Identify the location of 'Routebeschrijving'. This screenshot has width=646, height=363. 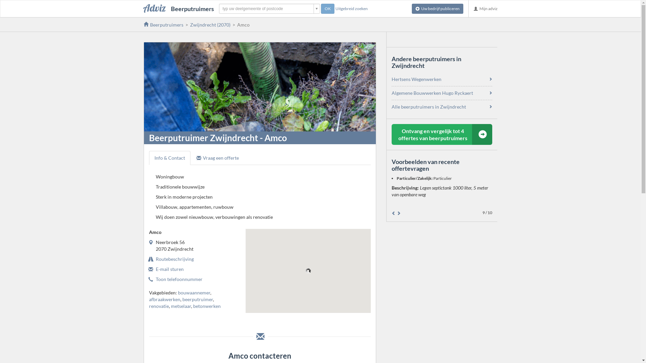
(174, 258).